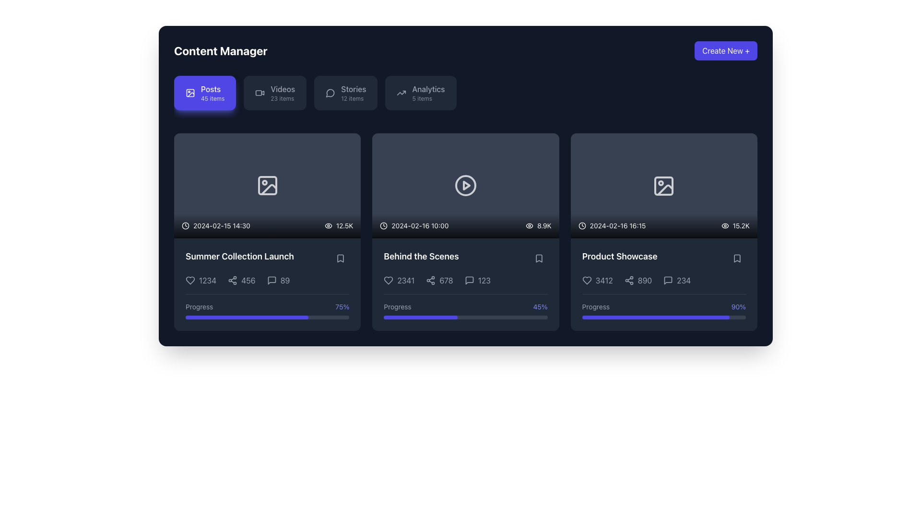  I want to click on the likes indicator icon located above the like count '3412' in the 'Product Showcase' card, so click(586, 281).